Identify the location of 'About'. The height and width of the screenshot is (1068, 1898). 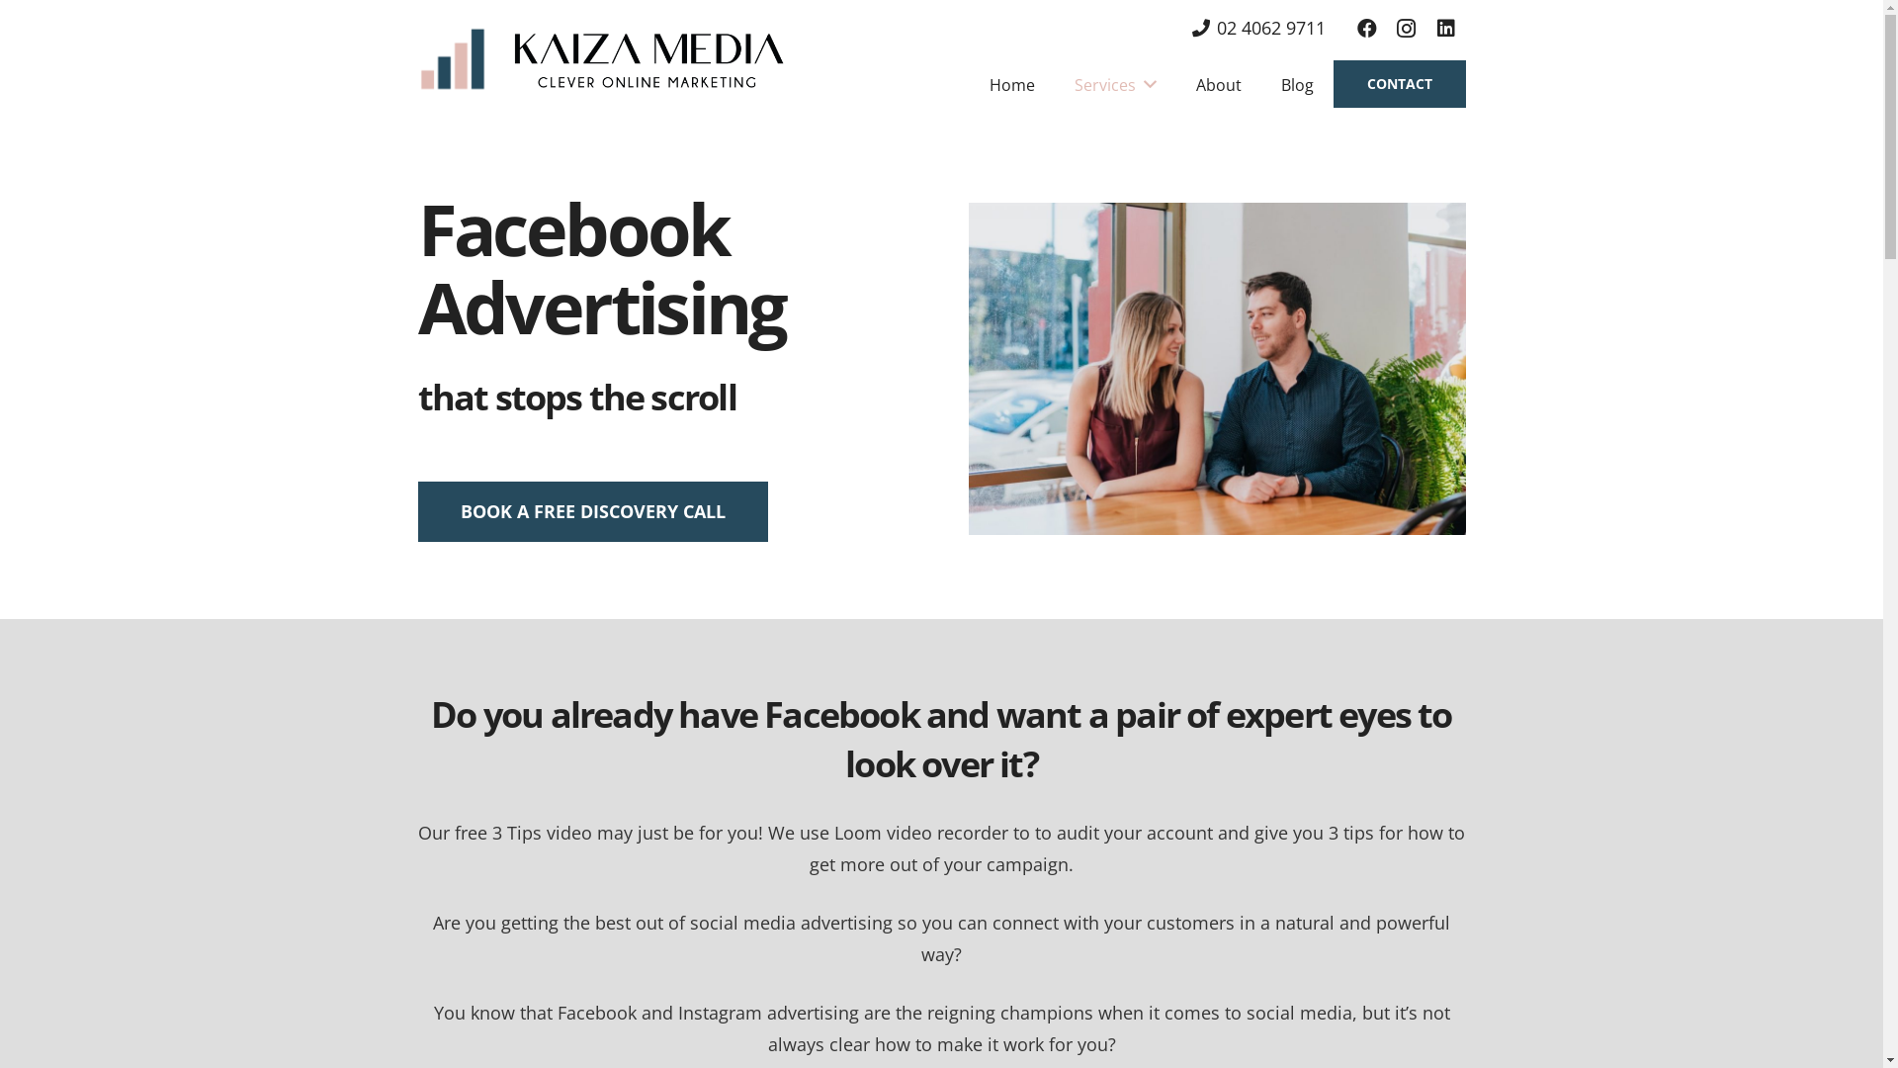
(1218, 83).